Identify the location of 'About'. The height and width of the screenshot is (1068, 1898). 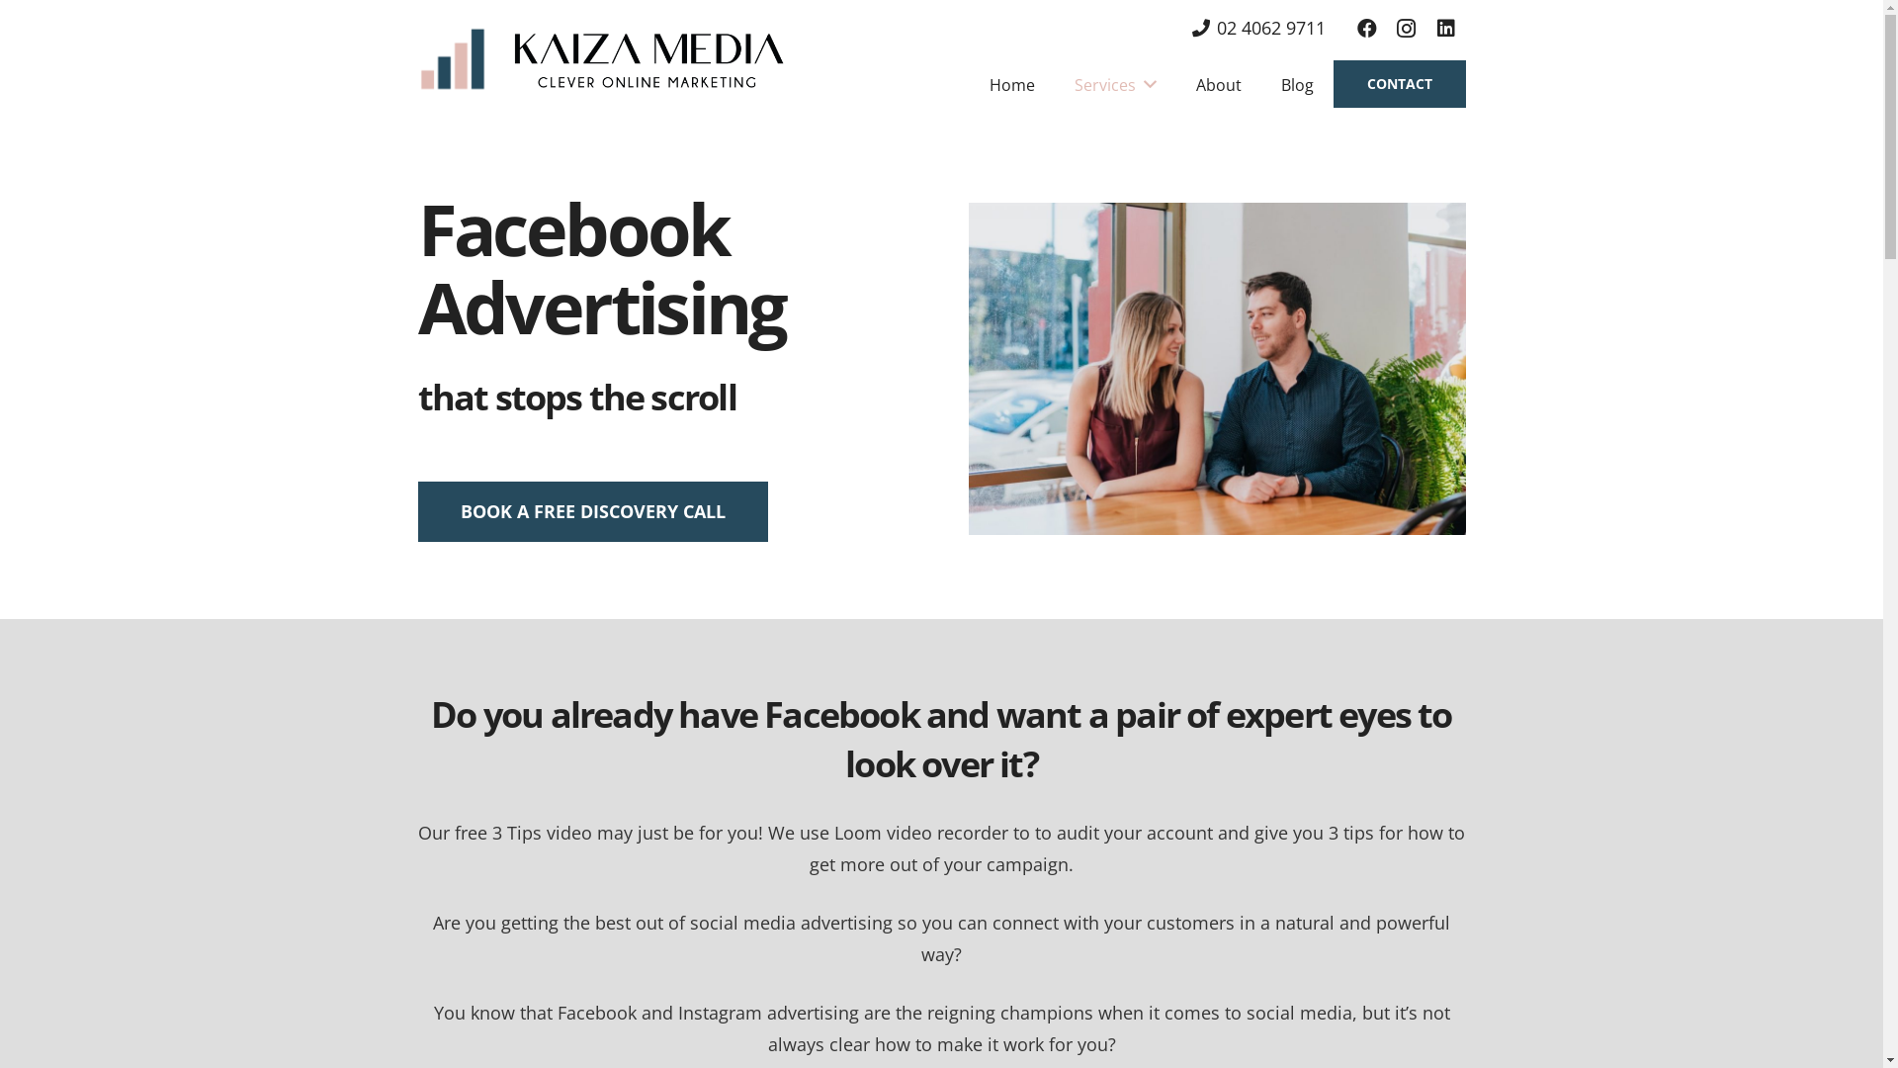
(1218, 83).